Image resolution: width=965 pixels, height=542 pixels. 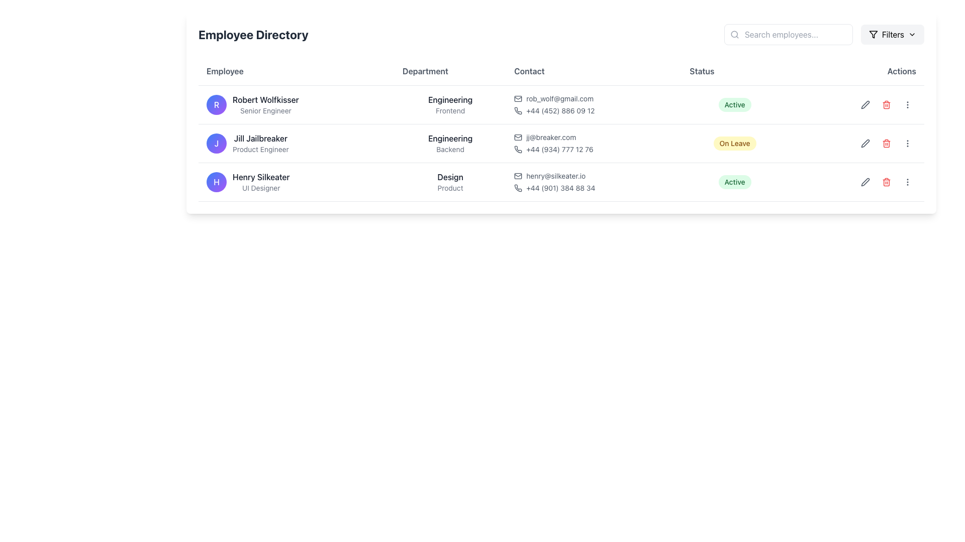 I want to click on the table row representing the personnel entry for 'Jill Jailbreaker', so click(x=561, y=143).